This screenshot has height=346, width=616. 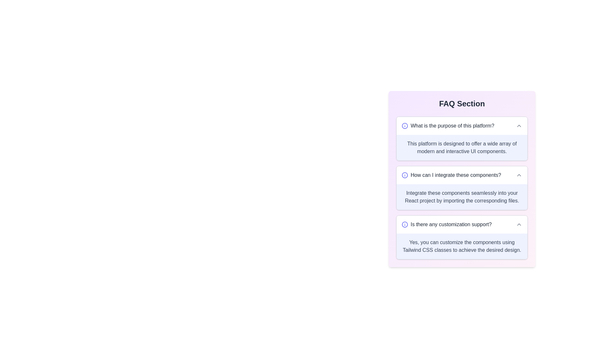 What do you see at coordinates (519, 126) in the screenshot?
I see `the chevron-up icon button on the far-right side of the question item for 'What is the purpose of this platform?'` at bounding box center [519, 126].